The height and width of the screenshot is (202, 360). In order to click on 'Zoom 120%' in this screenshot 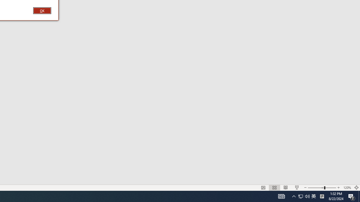, I will do `click(347, 188)`.